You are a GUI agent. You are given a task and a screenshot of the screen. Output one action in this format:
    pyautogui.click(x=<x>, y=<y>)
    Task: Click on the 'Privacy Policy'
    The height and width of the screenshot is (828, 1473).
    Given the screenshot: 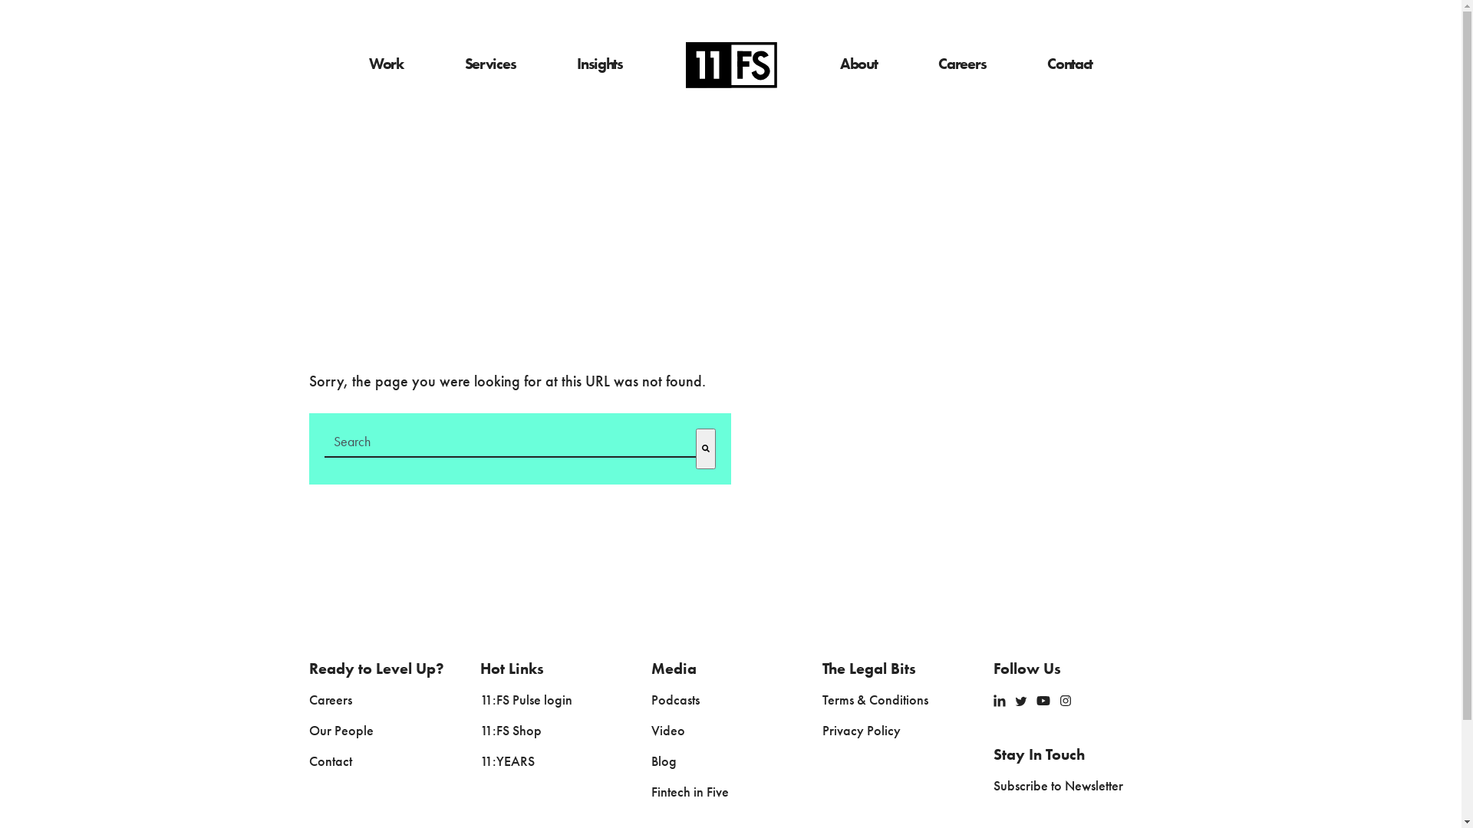 What is the action you would take?
    pyautogui.click(x=862, y=730)
    